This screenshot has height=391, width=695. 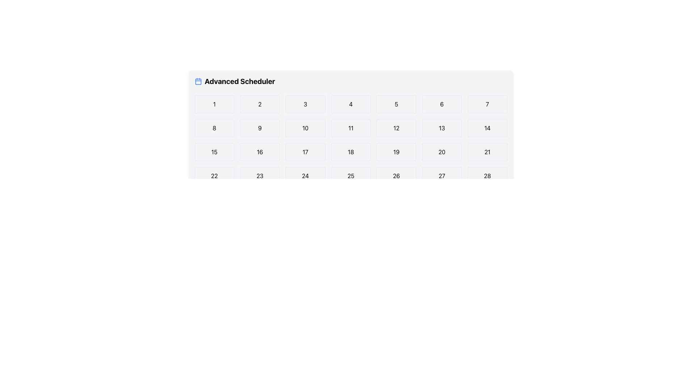 What do you see at coordinates (260, 152) in the screenshot?
I see `the button labeled '16' located` at bounding box center [260, 152].